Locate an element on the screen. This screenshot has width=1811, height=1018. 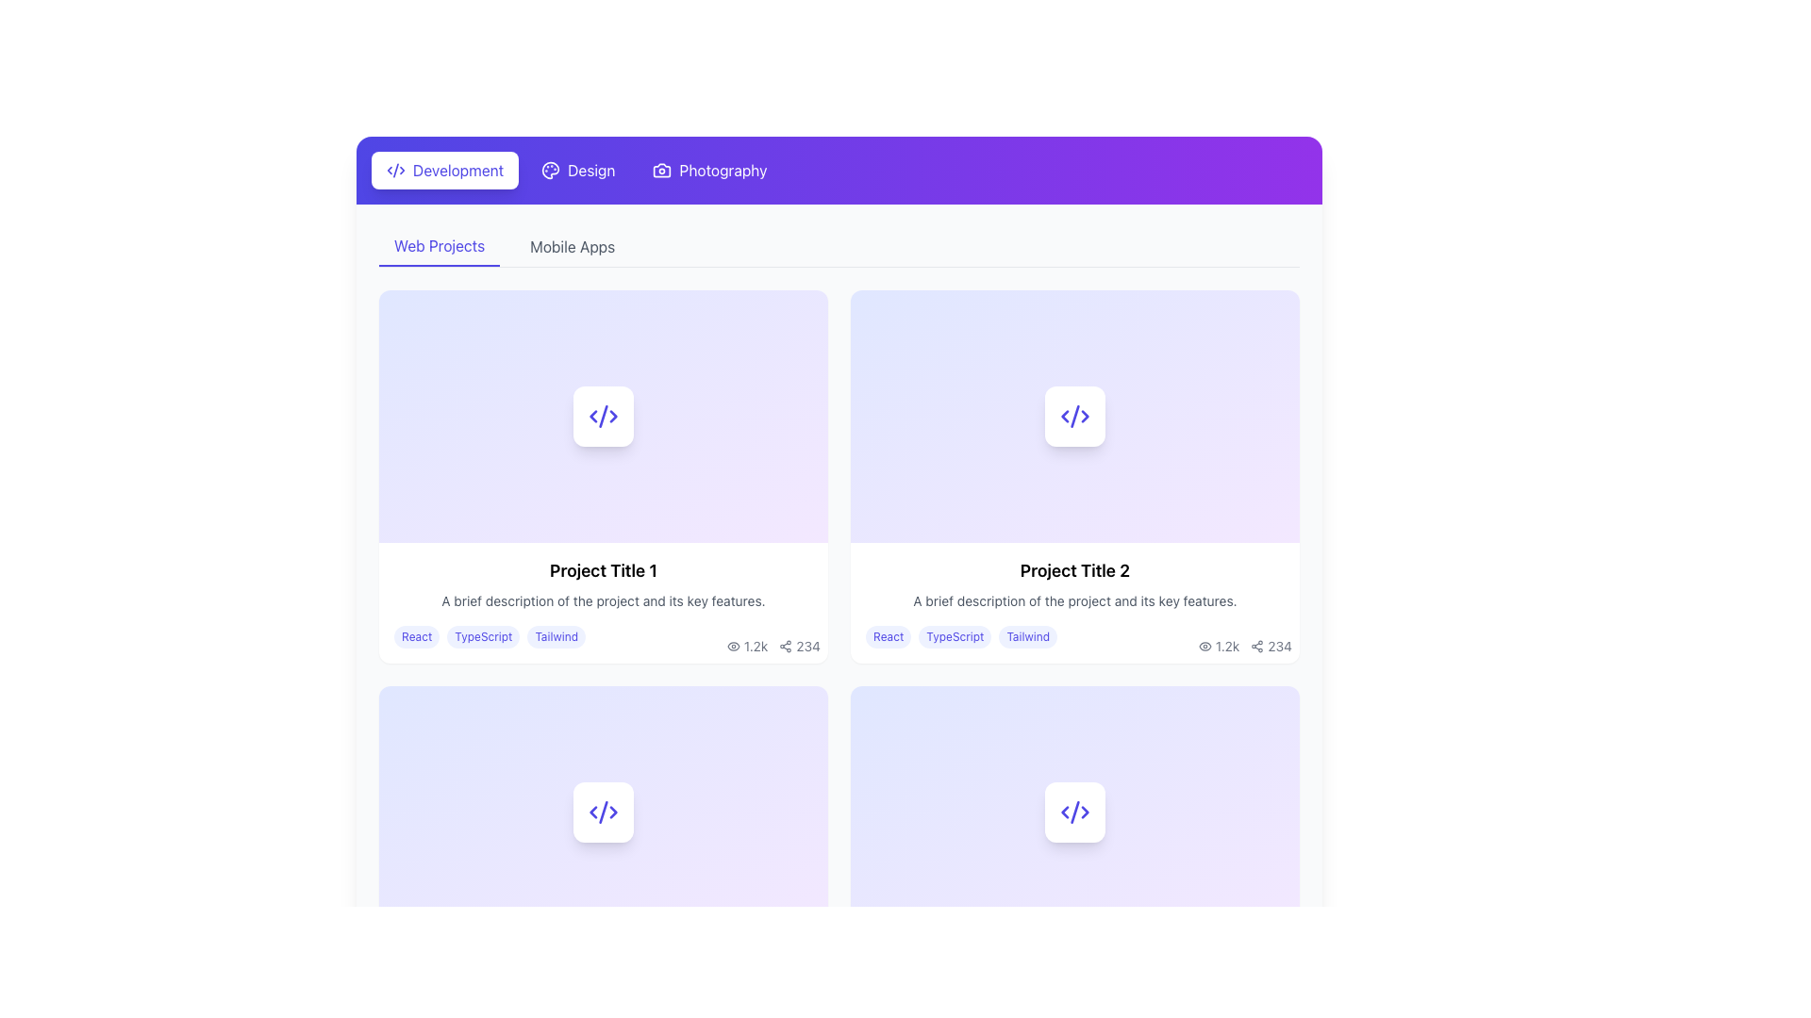
the leftwards pointing arrow icon, which is the second in a group of three arrows, located centrally at the top of the Project Title card in the Web Projects section is located at coordinates (592, 415).